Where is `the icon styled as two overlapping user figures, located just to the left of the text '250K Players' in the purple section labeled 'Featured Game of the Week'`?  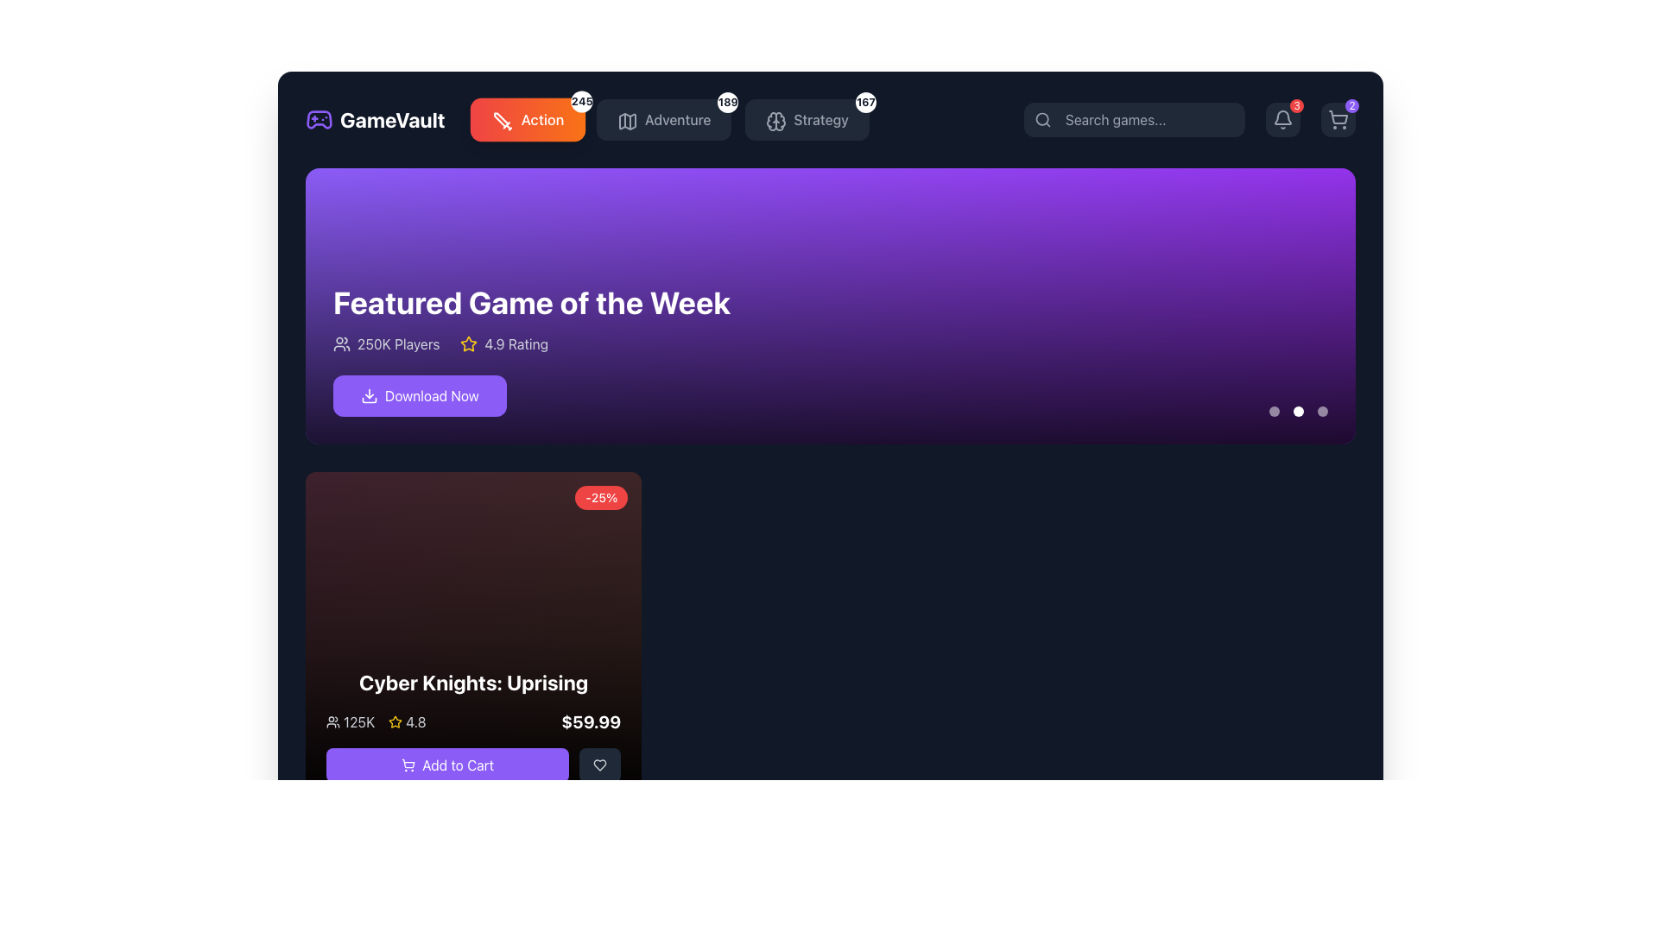 the icon styled as two overlapping user figures, located just to the left of the text '250K Players' in the purple section labeled 'Featured Game of the Week' is located at coordinates (341, 343).